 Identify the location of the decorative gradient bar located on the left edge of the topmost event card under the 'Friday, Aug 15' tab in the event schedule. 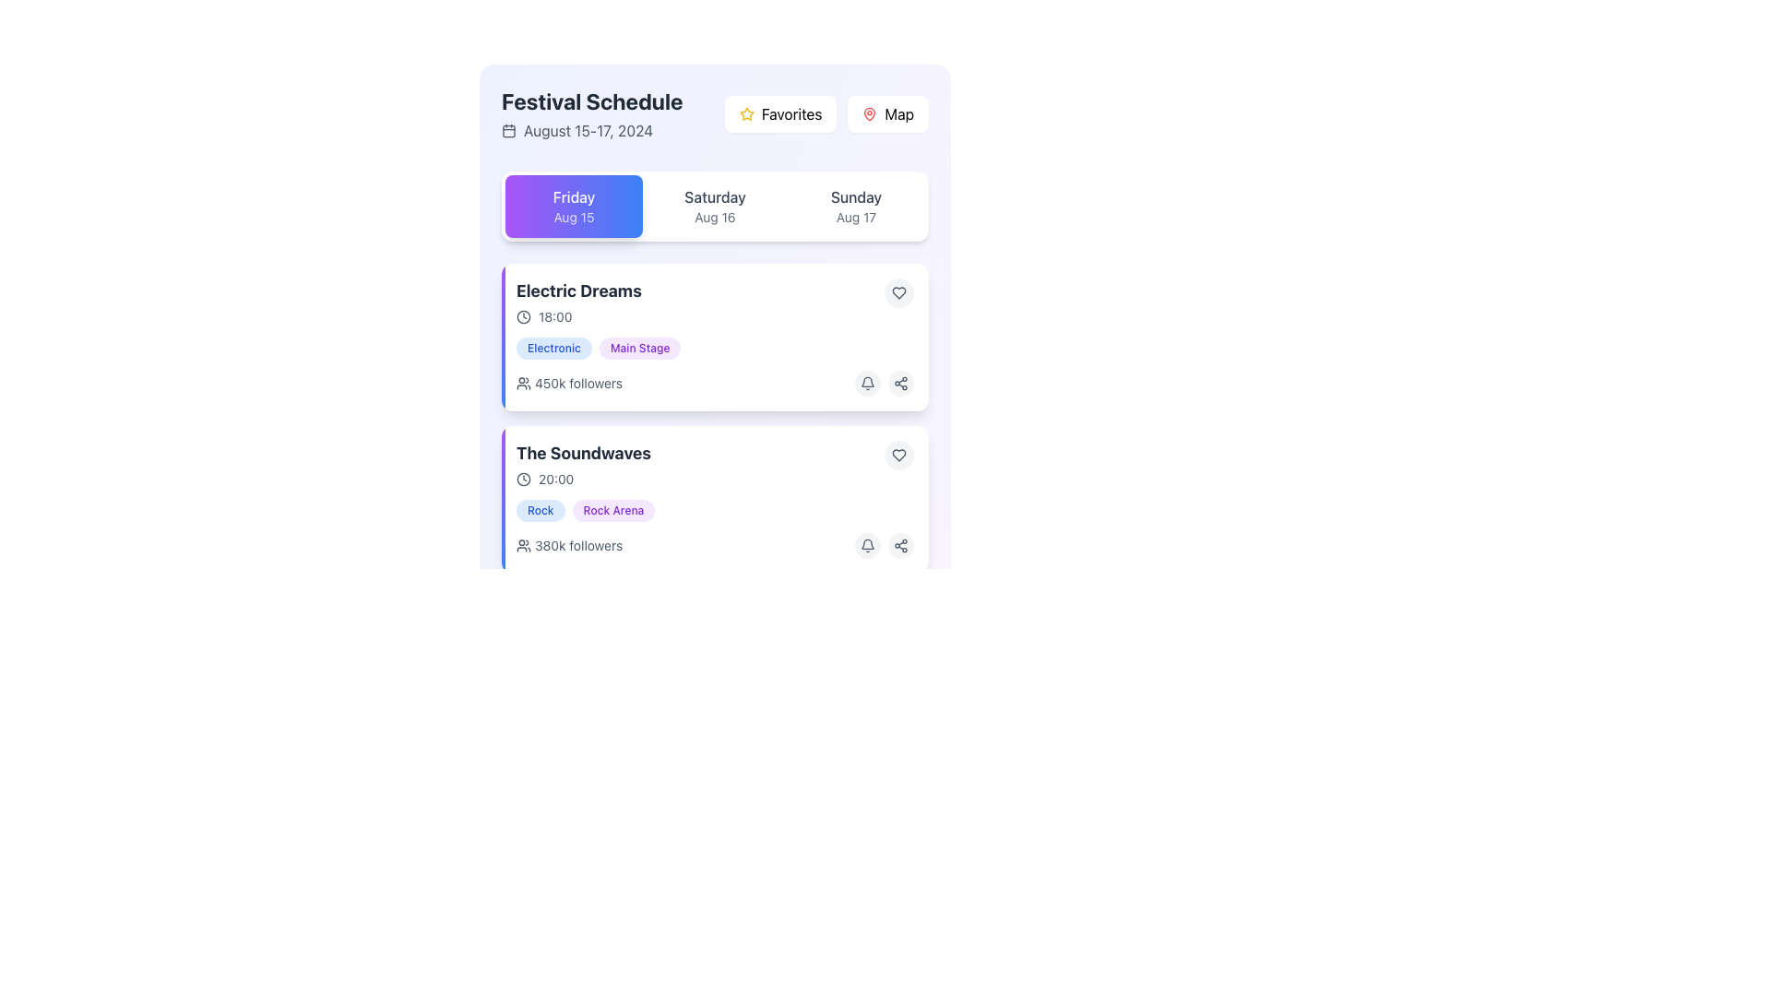
(504, 338).